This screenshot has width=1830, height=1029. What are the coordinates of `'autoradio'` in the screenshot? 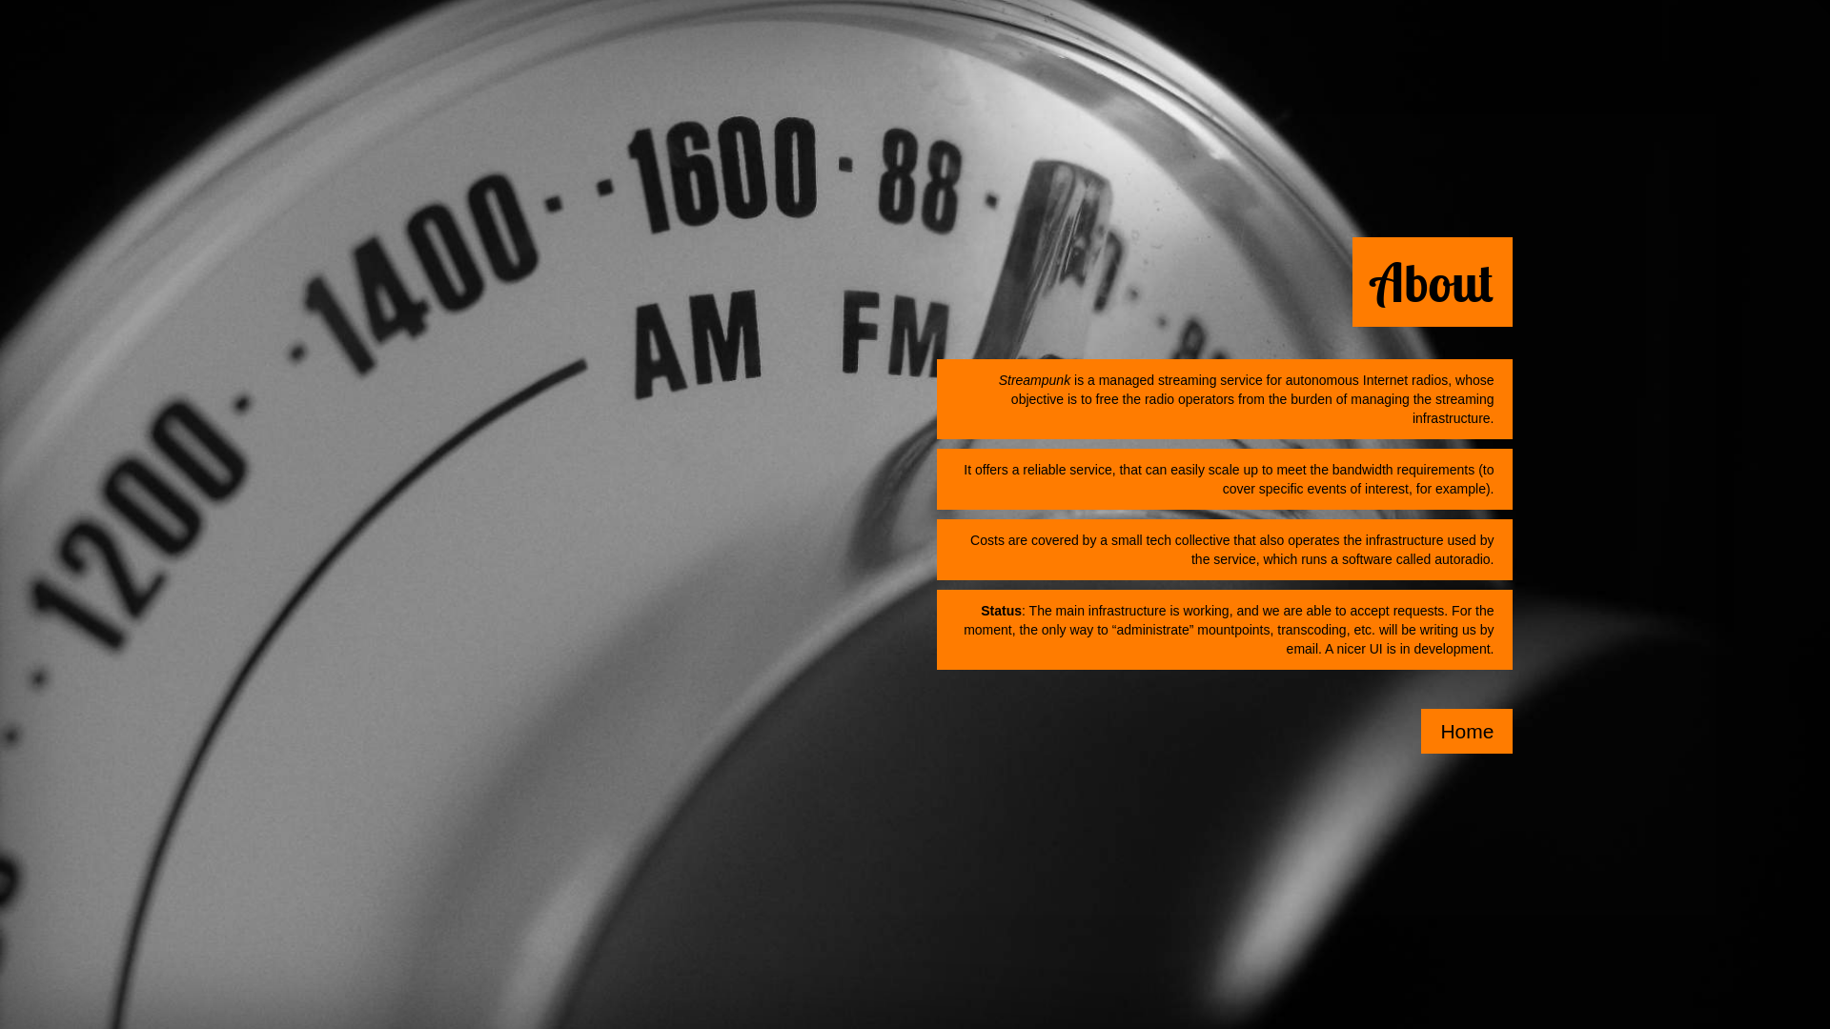 It's located at (1461, 557).